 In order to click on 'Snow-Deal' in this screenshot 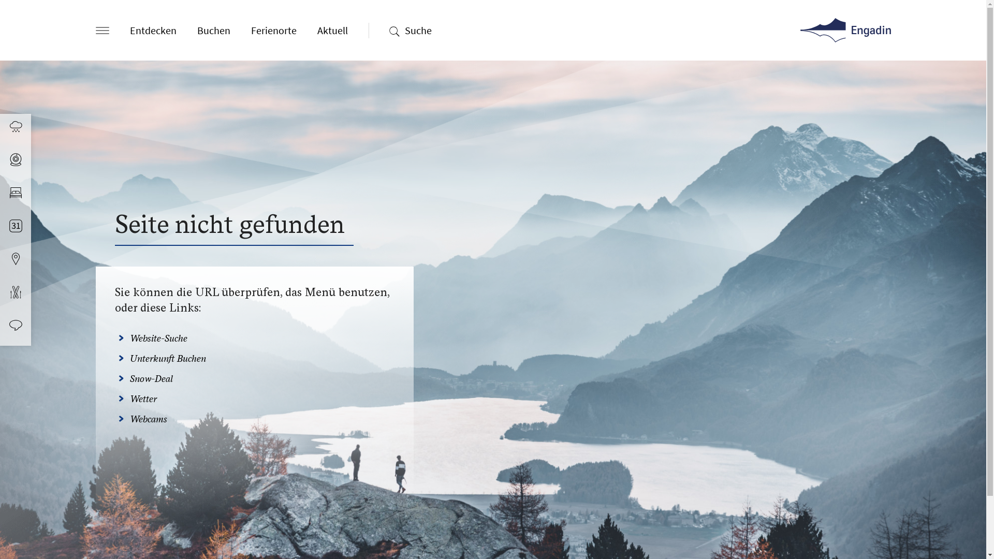, I will do `click(150, 378)`.